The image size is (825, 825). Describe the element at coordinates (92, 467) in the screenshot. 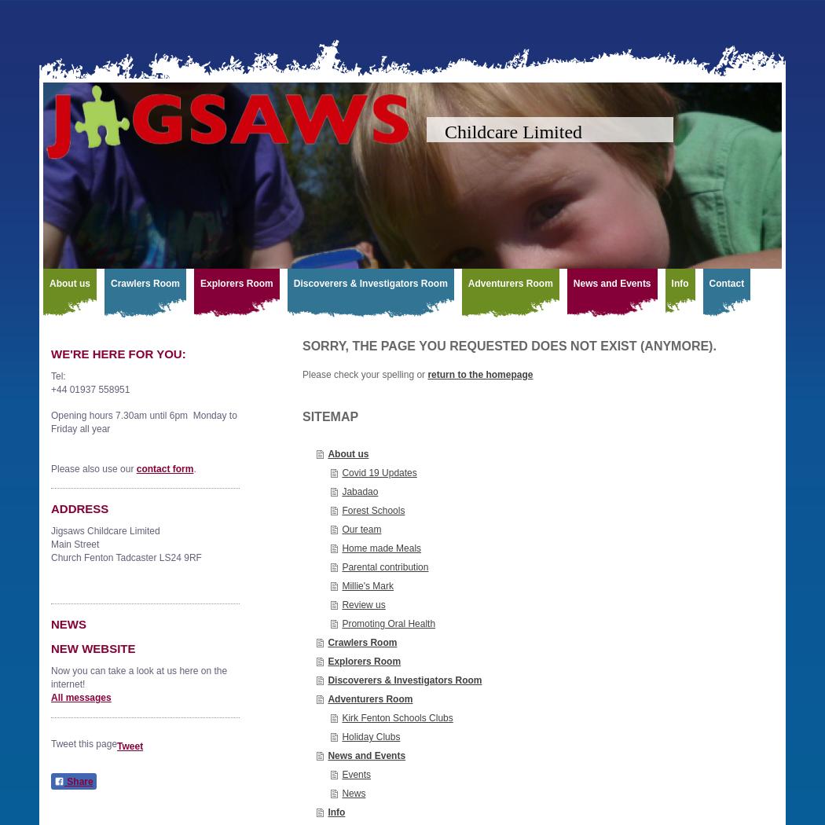

I see `'Please also use our'` at that location.